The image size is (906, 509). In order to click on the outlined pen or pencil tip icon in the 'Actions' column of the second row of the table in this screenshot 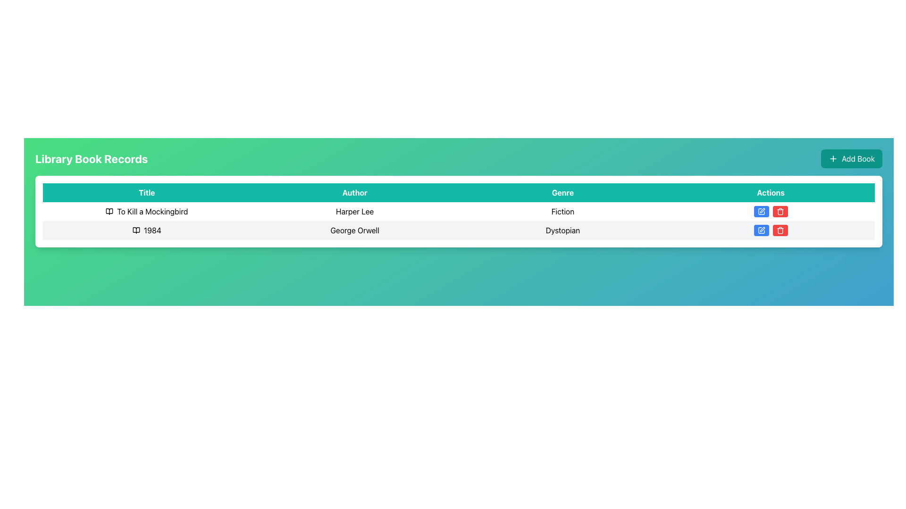, I will do `click(762, 229)`.